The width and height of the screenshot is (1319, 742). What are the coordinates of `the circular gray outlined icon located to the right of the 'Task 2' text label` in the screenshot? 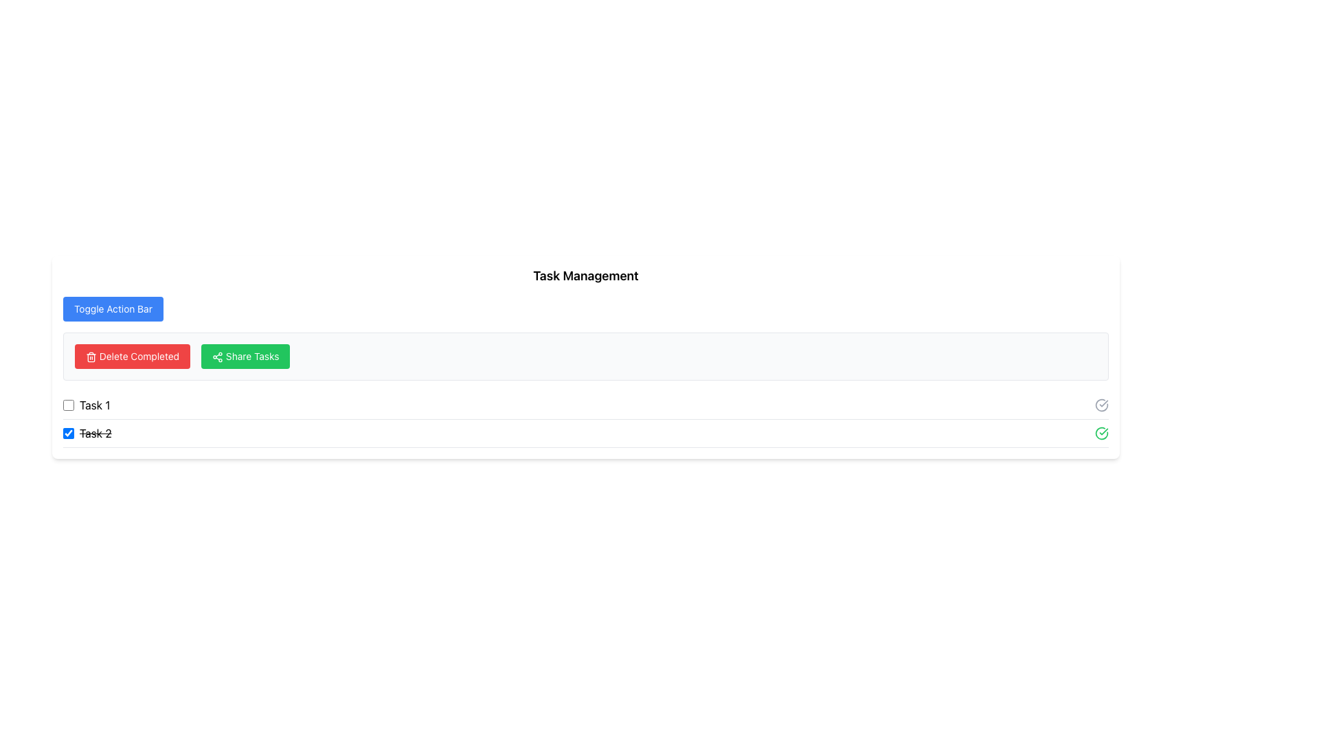 It's located at (1101, 404).